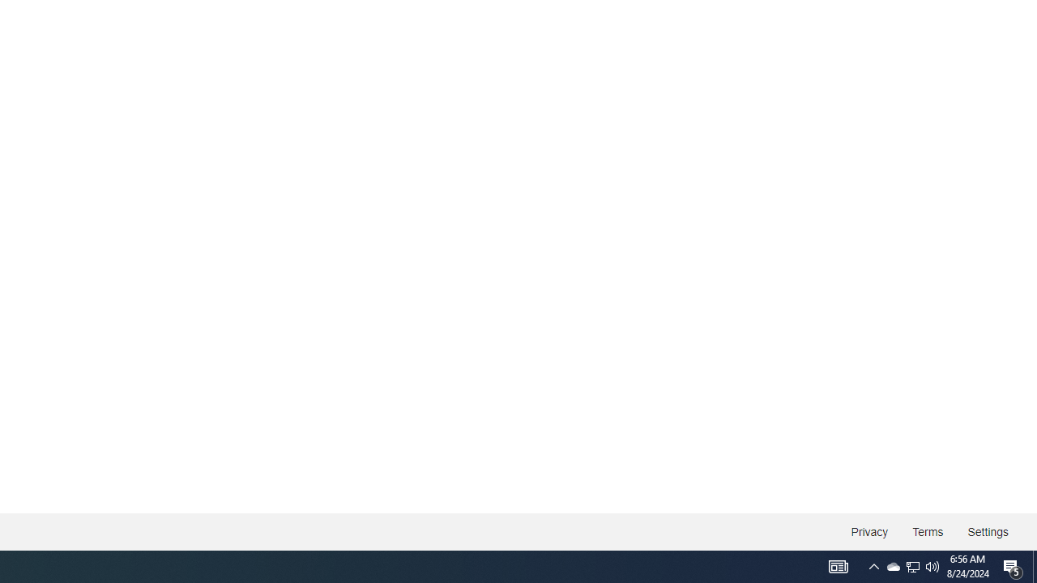 This screenshot has height=583, width=1037. What do you see at coordinates (987, 532) in the screenshot?
I see `'Settings'` at bounding box center [987, 532].